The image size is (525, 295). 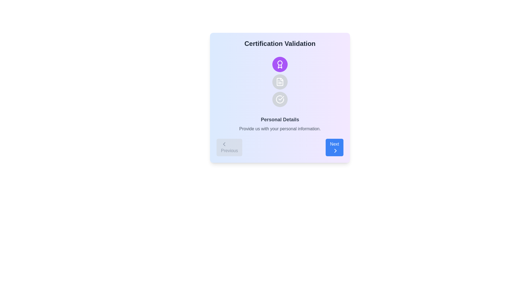 What do you see at coordinates (280, 124) in the screenshot?
I see `the Text element titled 'Personal Details' with description 'Provide us with your personal information.' within the form step under 'Certification Validation.'` at bounding box center [280, 124].